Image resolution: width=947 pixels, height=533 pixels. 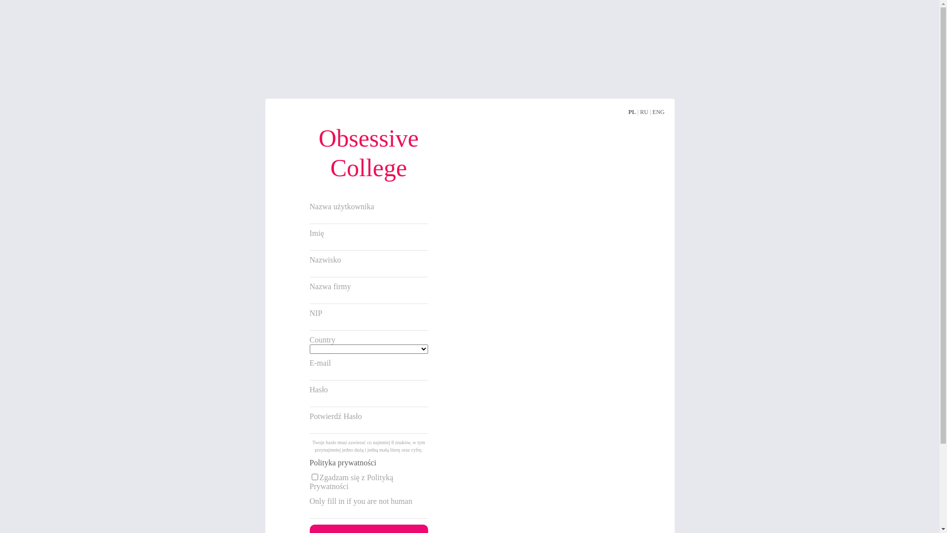 I want to click on 'ENG', so click(x=658, y=112).